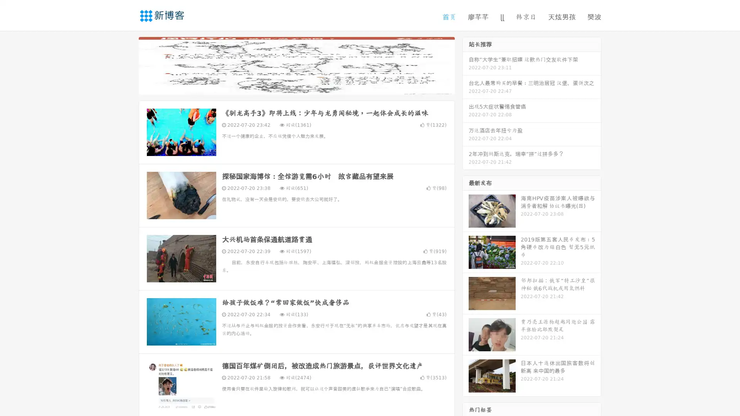  I want to click on Go to slide 1, so click(288, 87).